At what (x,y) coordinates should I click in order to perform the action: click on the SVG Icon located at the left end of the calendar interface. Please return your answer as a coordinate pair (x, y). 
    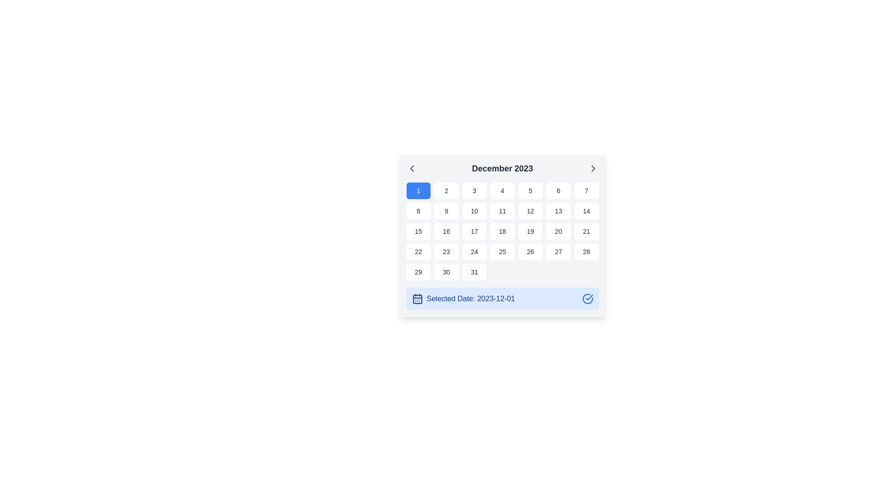
    Looking at the image, I should click on (411, 169).